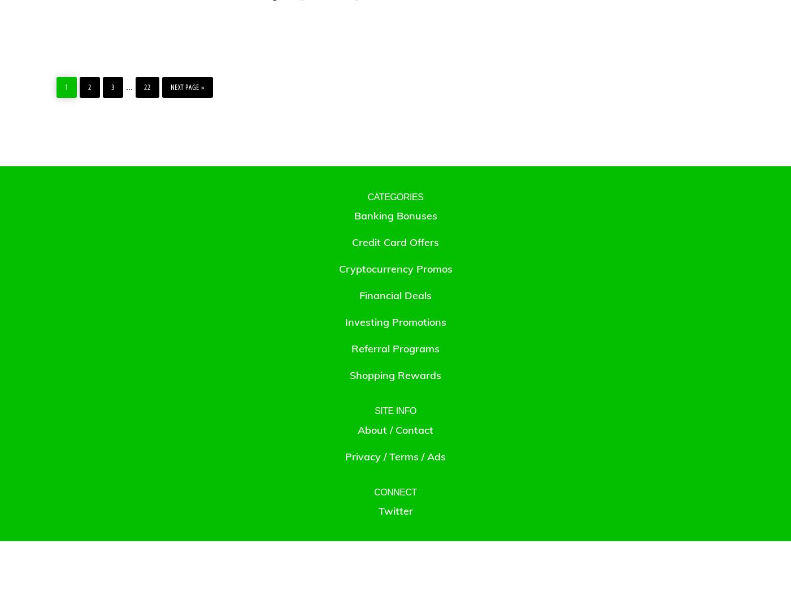 Image resolution: width=791 pixels, height=591 pixels. I want to click on 'Referral Programs', so click(395, 348).